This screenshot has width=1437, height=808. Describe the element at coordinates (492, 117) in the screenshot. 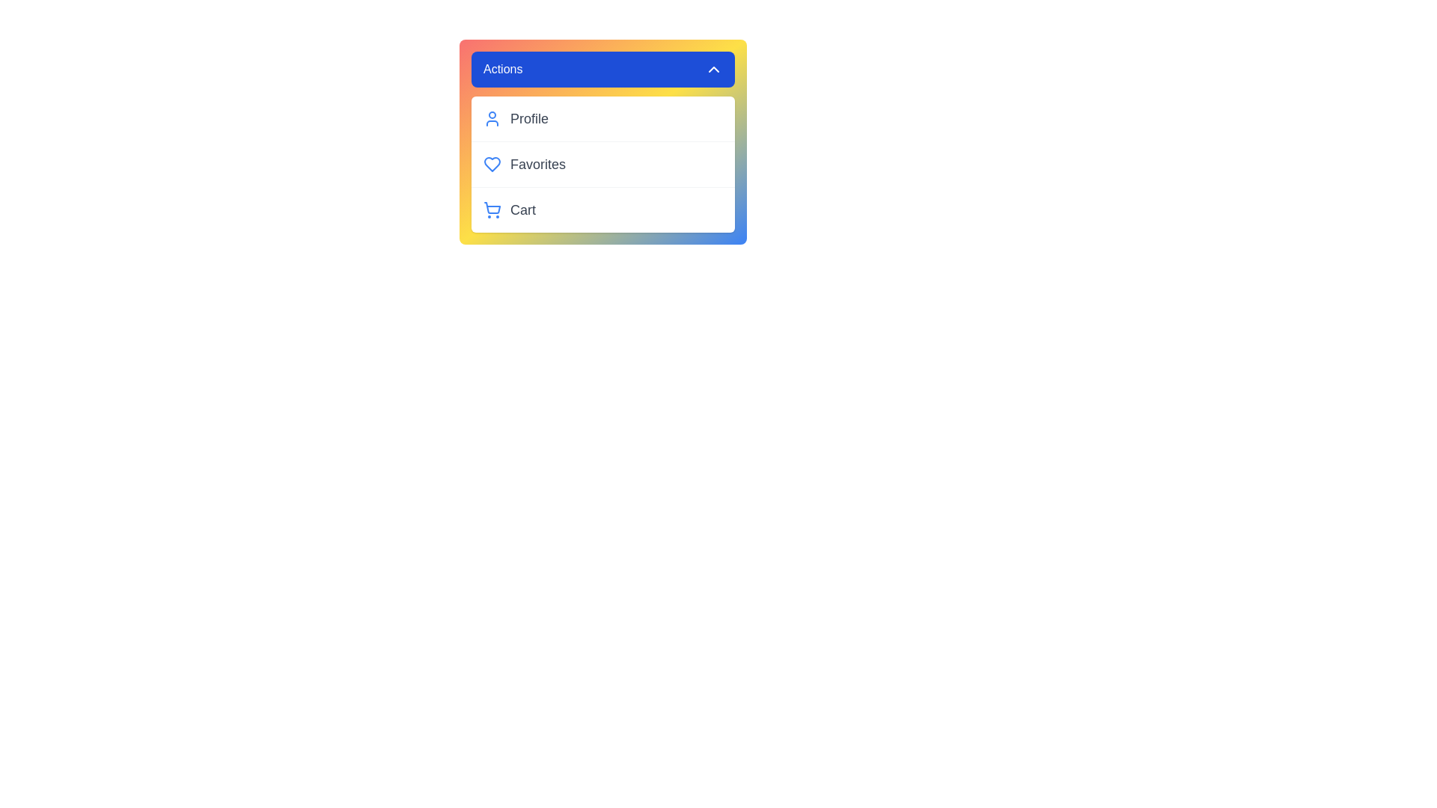

I see `the blue-styled user profile icon located at the left end of the 'Profile' section within the dropdown menu` at that location.